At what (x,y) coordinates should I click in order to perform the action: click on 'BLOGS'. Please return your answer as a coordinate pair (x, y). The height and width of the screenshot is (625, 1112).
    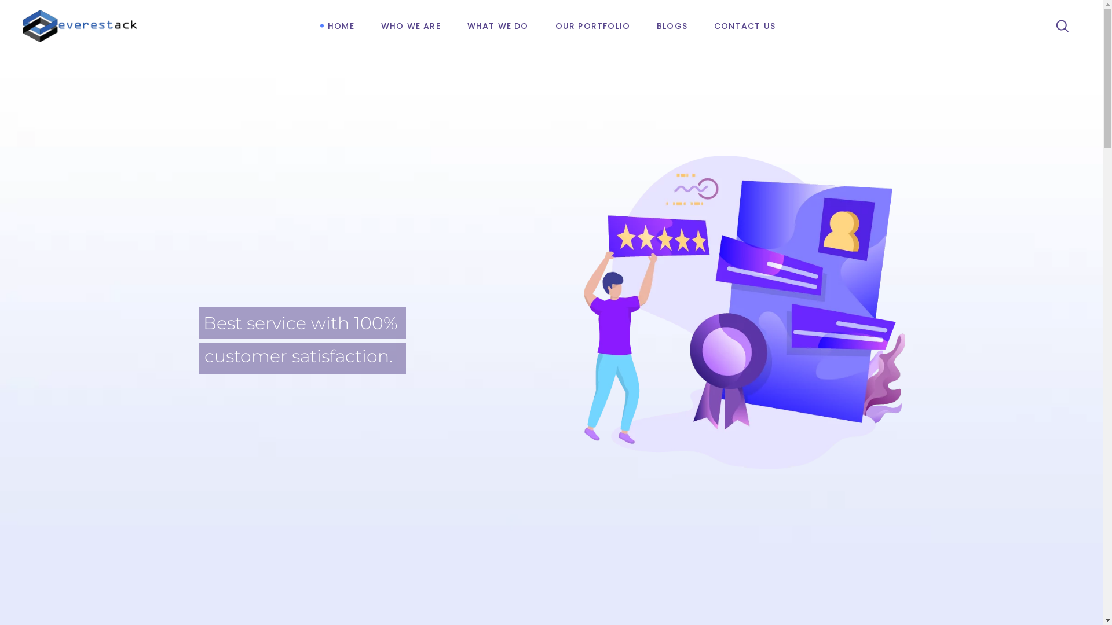
    Looking at the image, I should click on (672, 26).